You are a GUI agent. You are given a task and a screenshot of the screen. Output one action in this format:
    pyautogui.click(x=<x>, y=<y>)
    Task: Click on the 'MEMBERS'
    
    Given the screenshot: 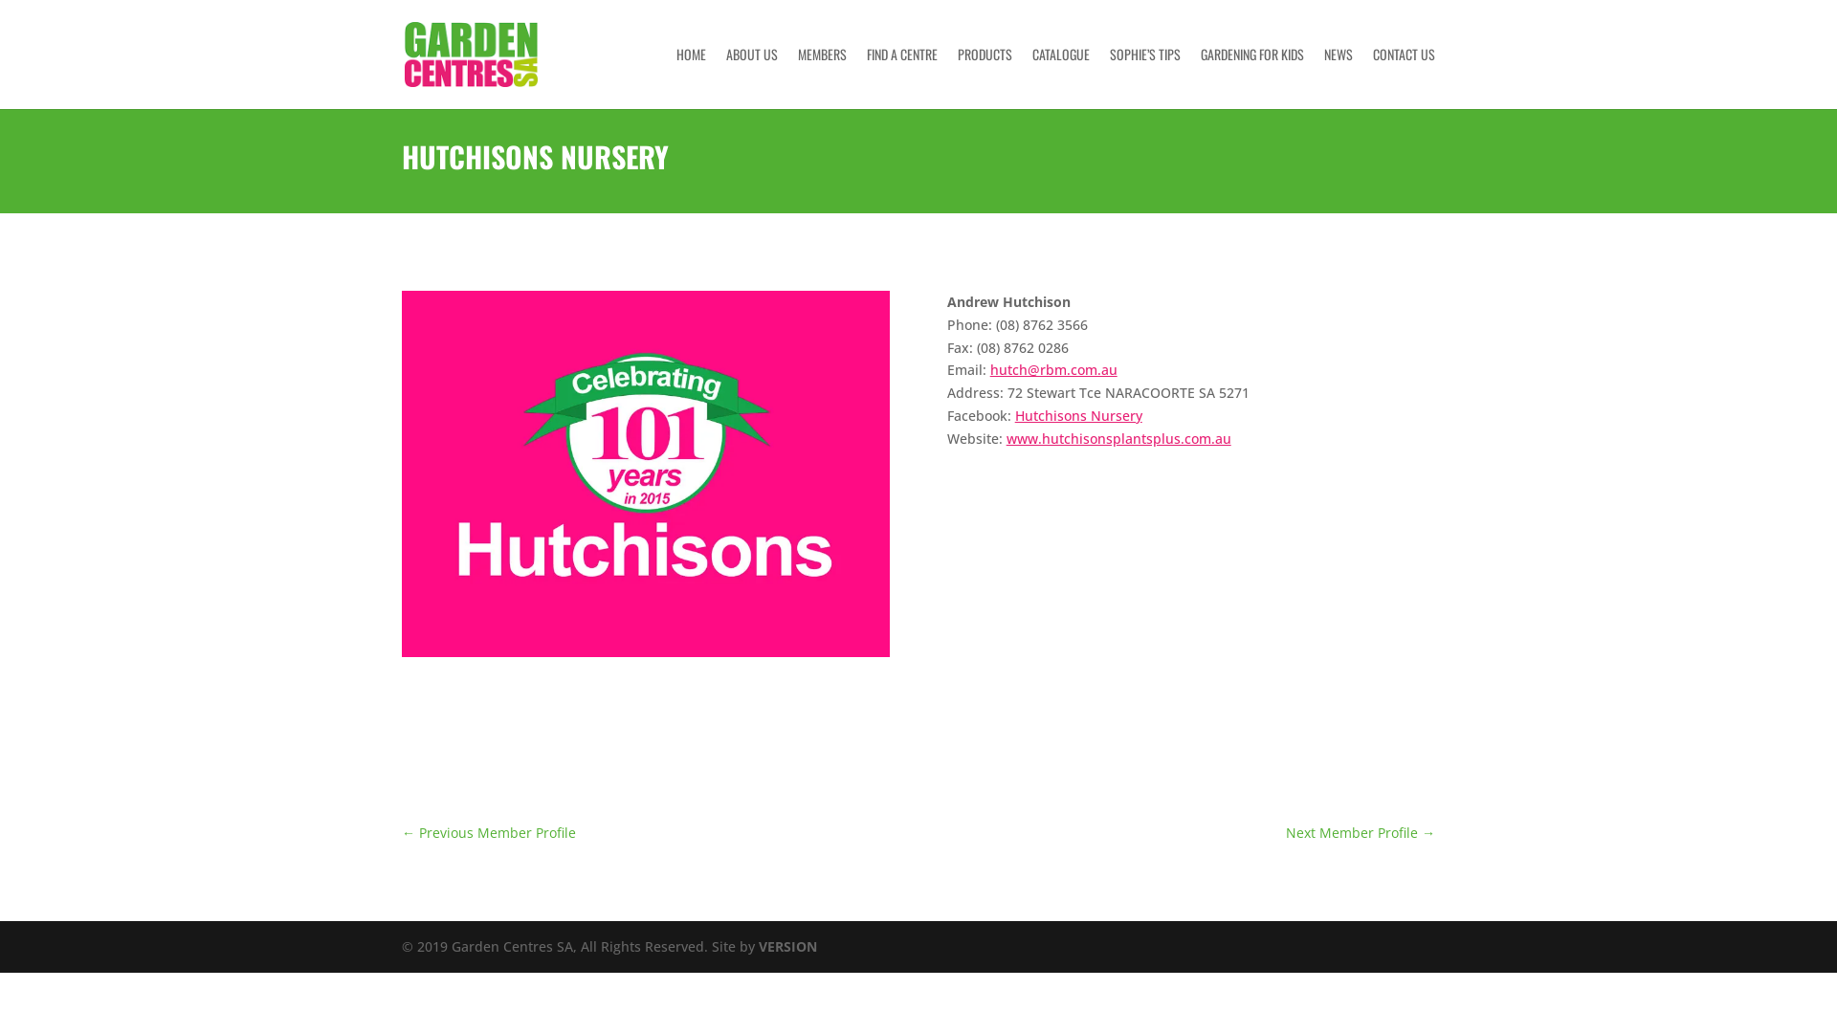 What is the action you would take?
    pyautogui.click(x=822, y=77)
    